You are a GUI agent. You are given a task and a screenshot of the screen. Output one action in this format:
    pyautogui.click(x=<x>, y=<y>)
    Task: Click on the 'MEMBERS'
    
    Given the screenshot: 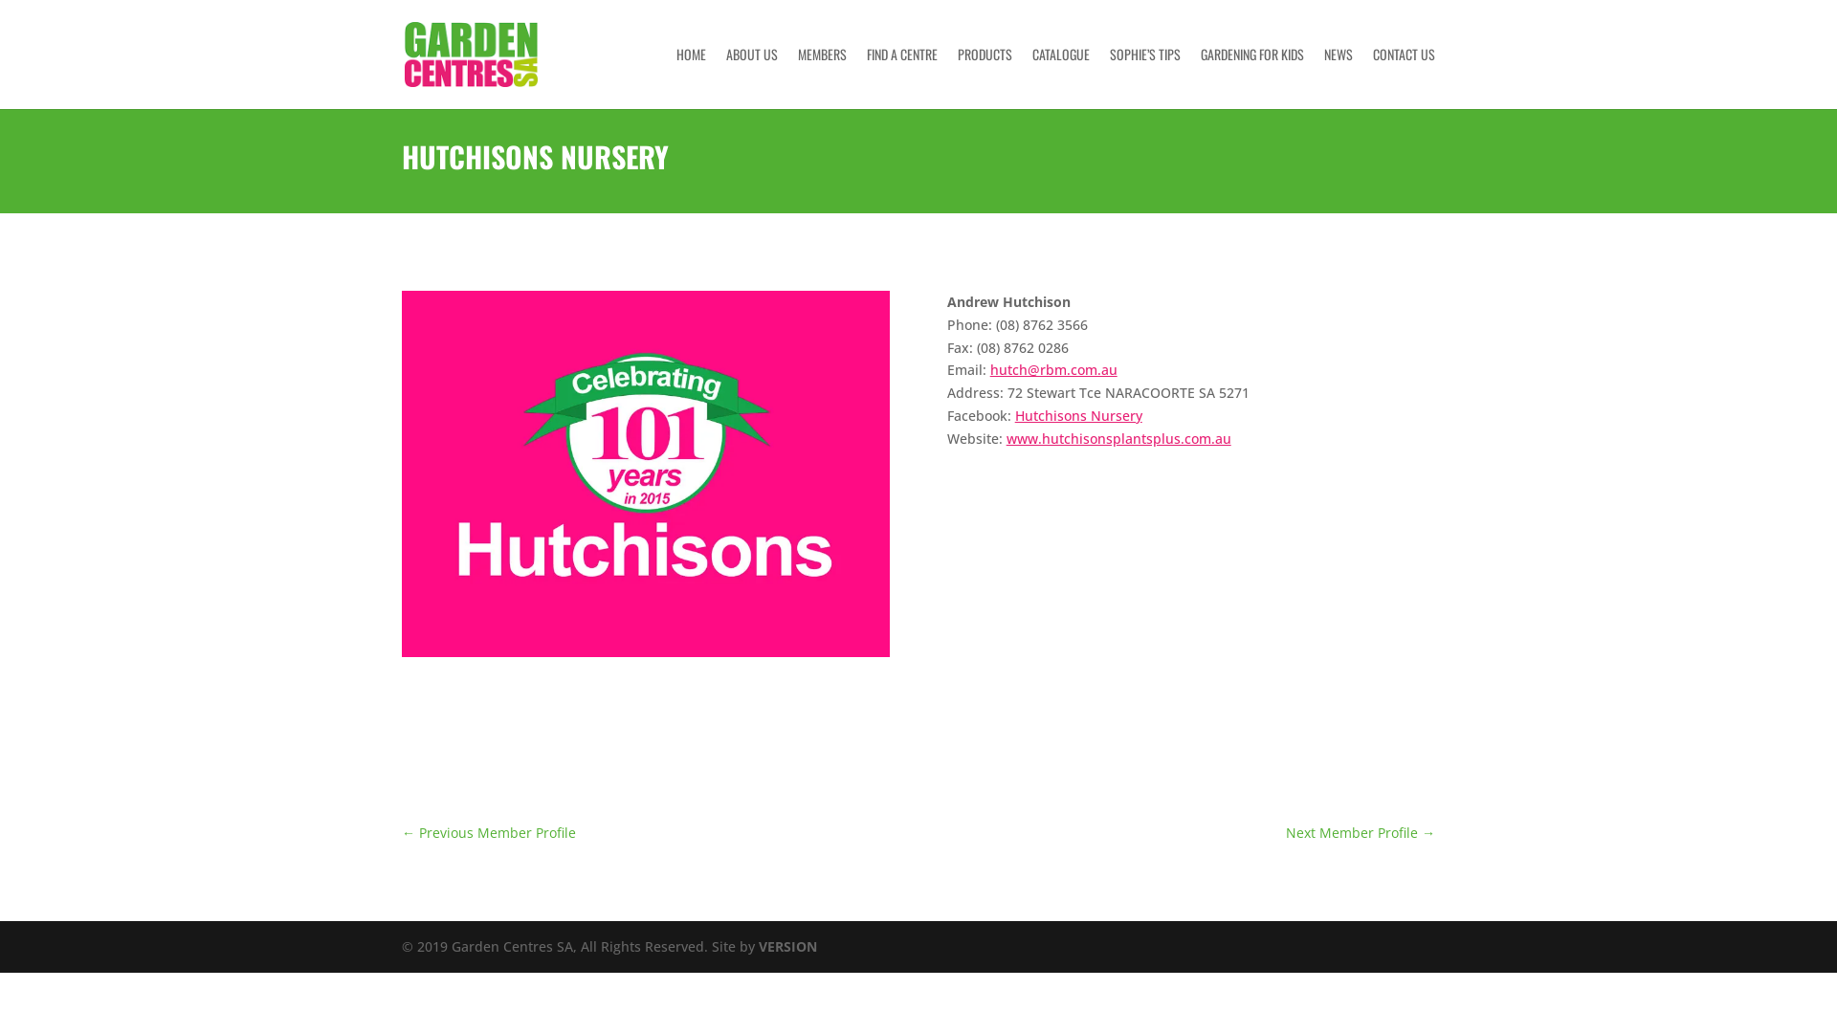 What is the action you would take?
    pyautogui.click(x=822, y=77)
    